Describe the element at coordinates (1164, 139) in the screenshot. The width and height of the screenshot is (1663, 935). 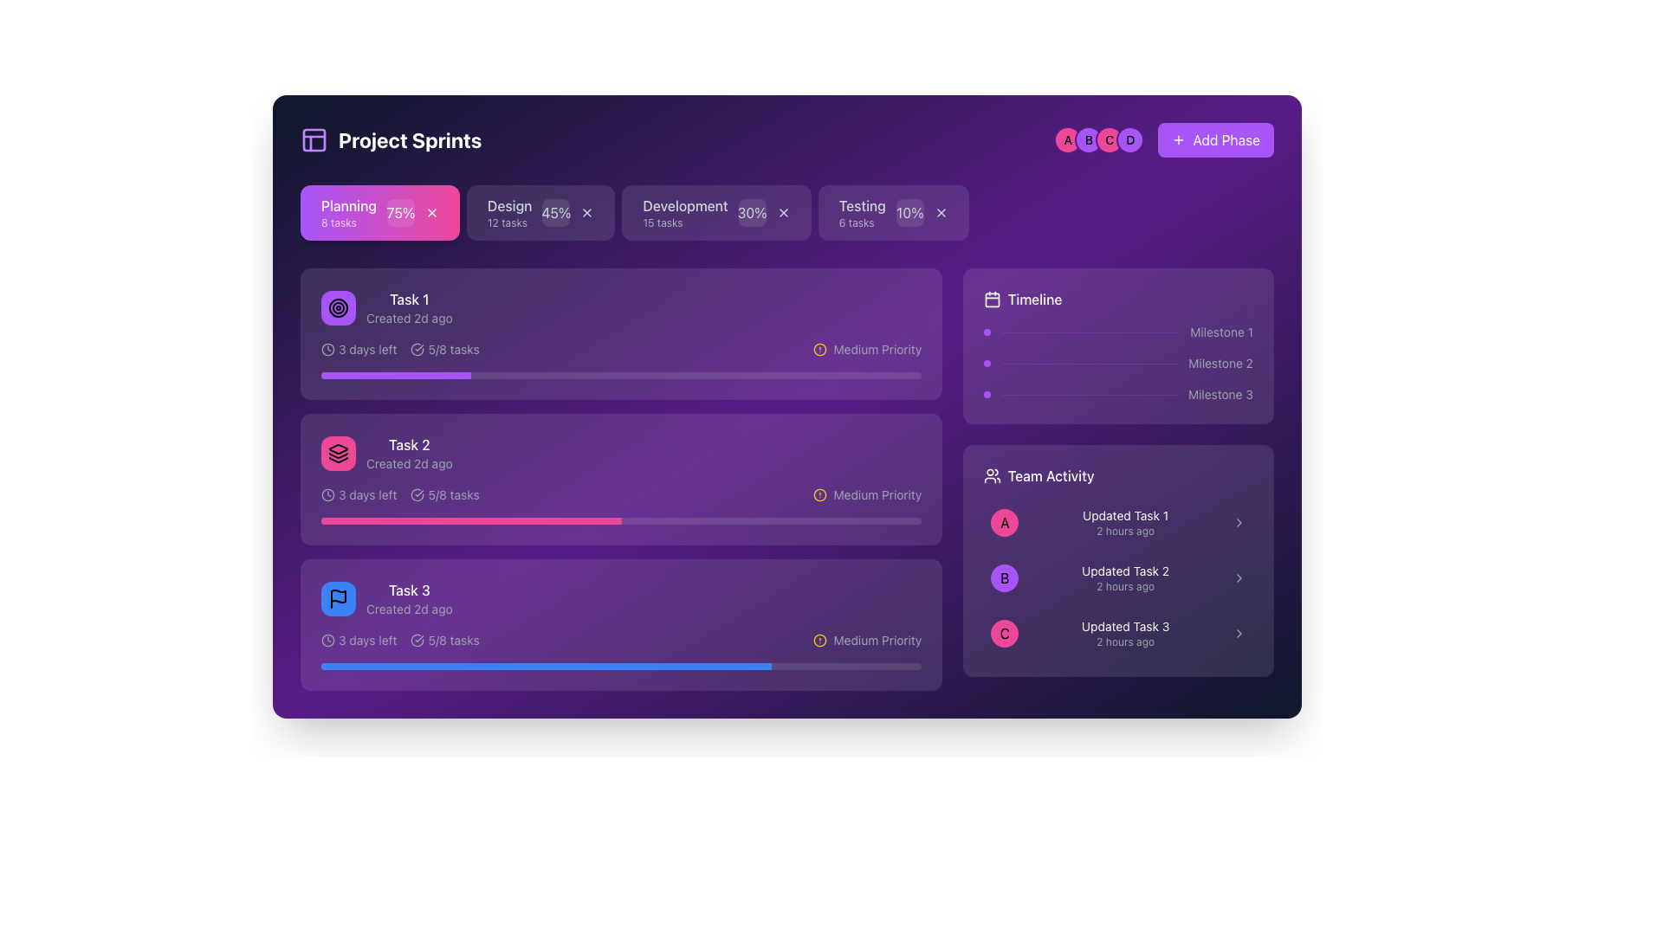
I see `the 'Add Phase' button with a purple background and white text, located at the top-right area of the main interface` at that location.